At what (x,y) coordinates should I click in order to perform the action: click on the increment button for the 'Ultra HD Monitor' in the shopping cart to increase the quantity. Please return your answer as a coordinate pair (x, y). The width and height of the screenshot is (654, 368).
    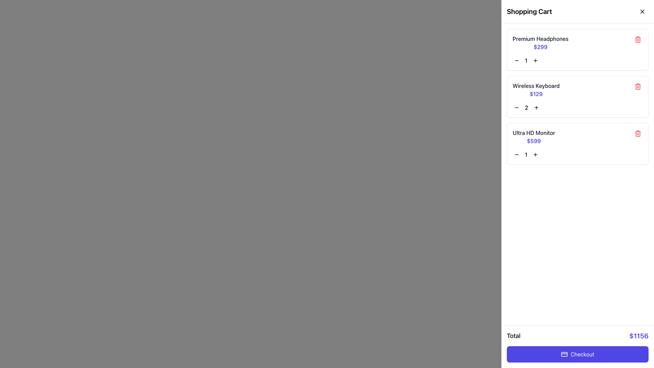
    Looking at the image, I should click on (535, 155).